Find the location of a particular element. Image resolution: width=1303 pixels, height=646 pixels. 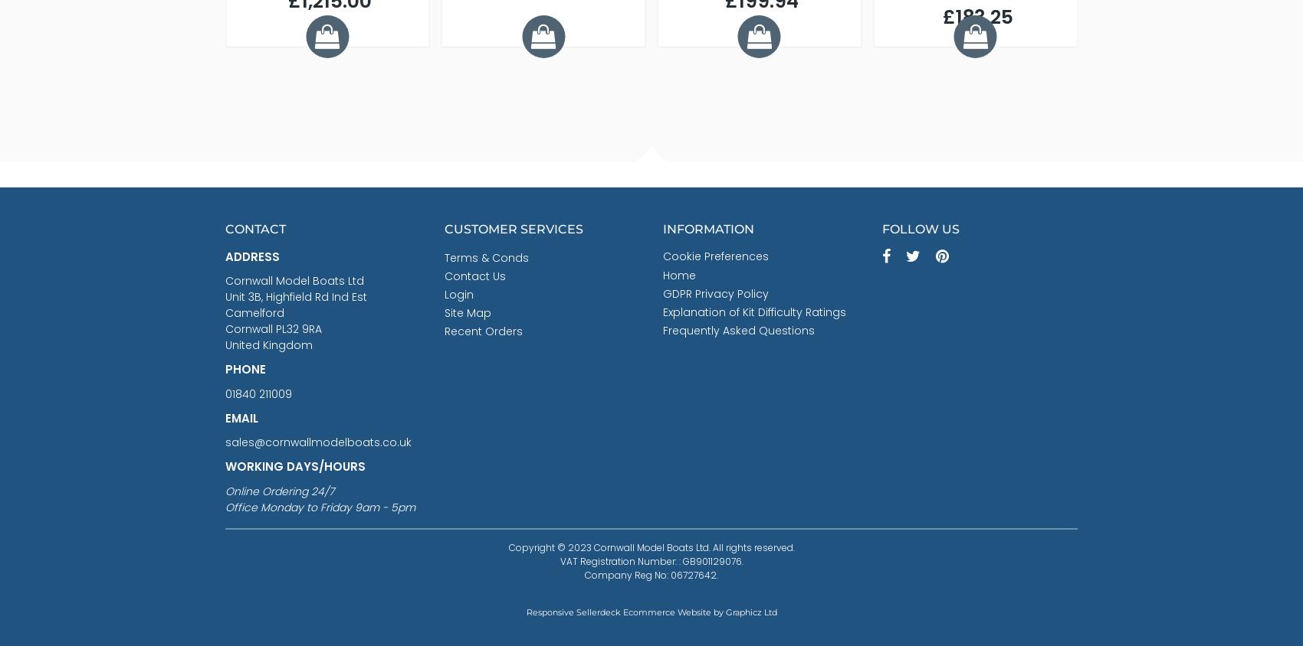

'Cookie Preferences' is located at coordinates (715, 255).